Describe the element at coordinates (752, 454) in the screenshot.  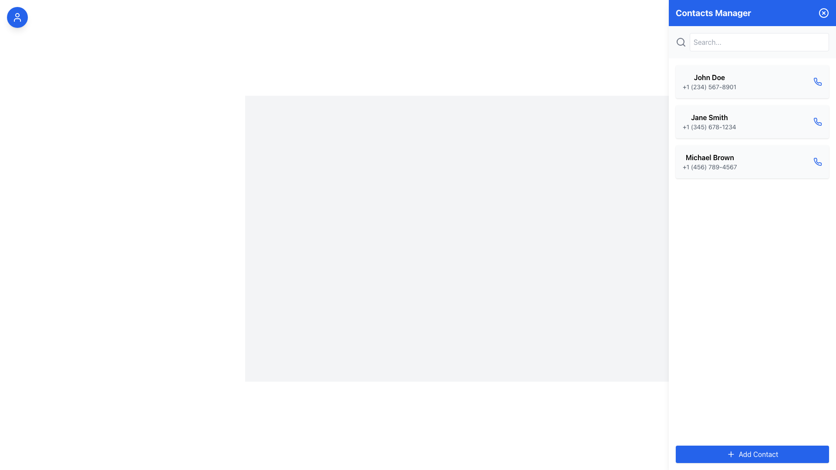
I see `the 'Add Contact' button located at the bottom-right corner of the interface` at that location.